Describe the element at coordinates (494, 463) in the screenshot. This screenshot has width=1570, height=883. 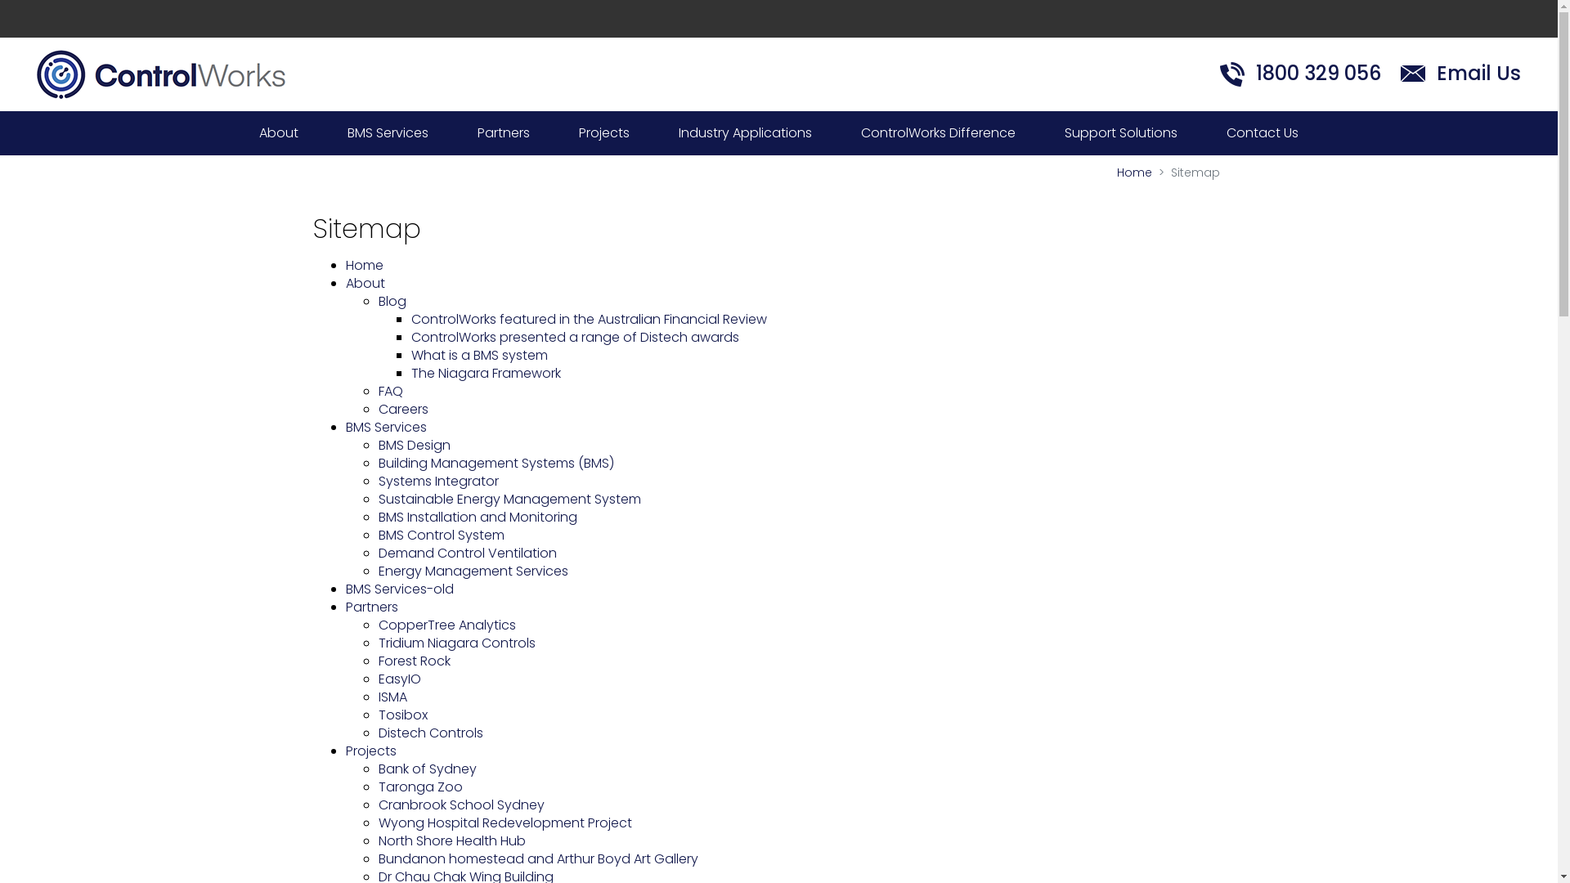
I see `'Building Management Systems (BMS)'` at that location.